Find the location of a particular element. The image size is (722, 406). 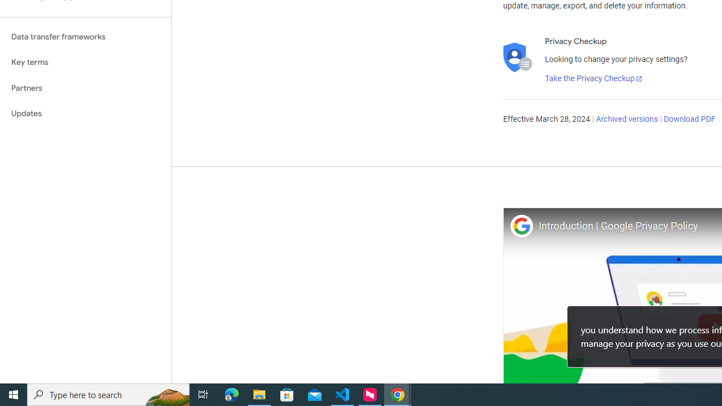

'Download PDF' is located at coordinates (689, 120).